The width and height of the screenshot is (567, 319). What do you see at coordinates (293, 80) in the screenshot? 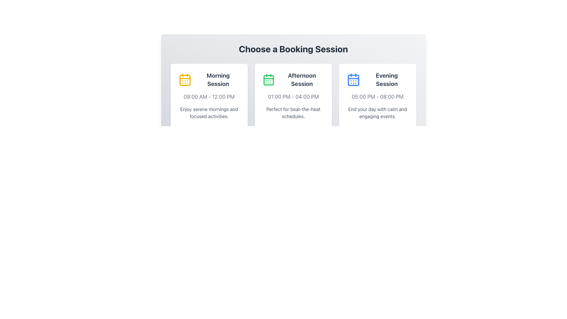
I see `text displayed in the bold font style saying 'Afternoon Session' located in the middle card among three booking session cards` at bounding box center [293, 80].